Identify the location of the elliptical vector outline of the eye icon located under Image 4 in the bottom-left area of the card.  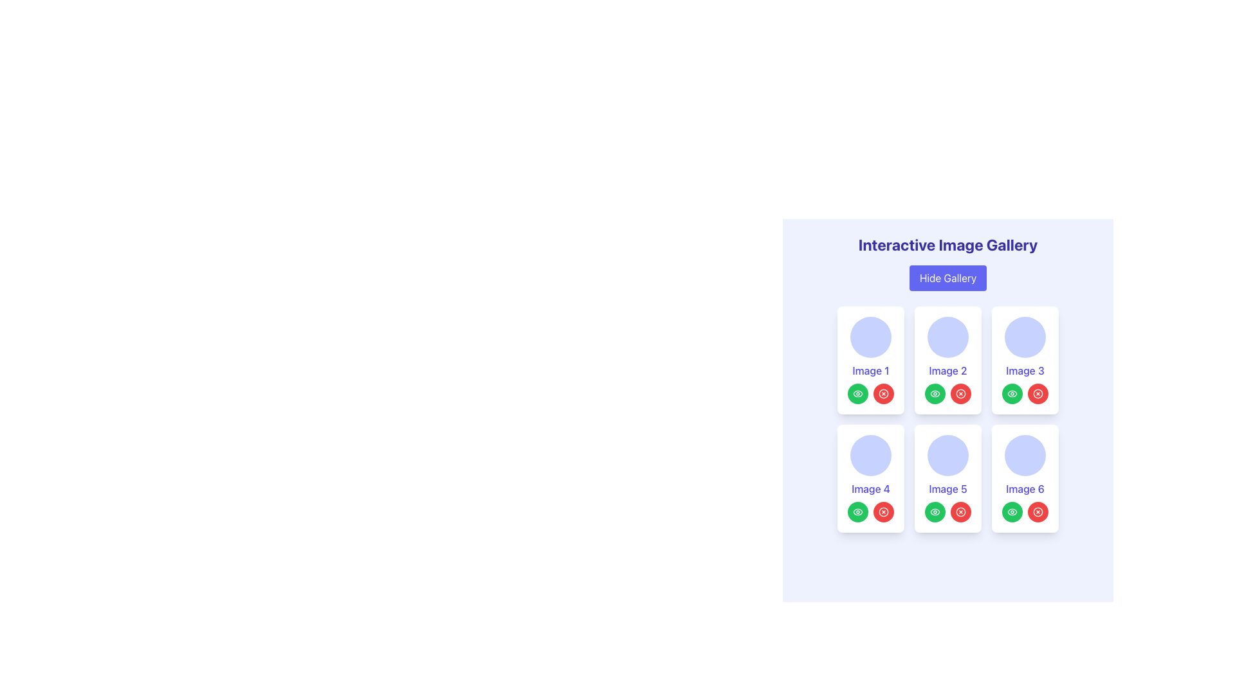
(858, 512).